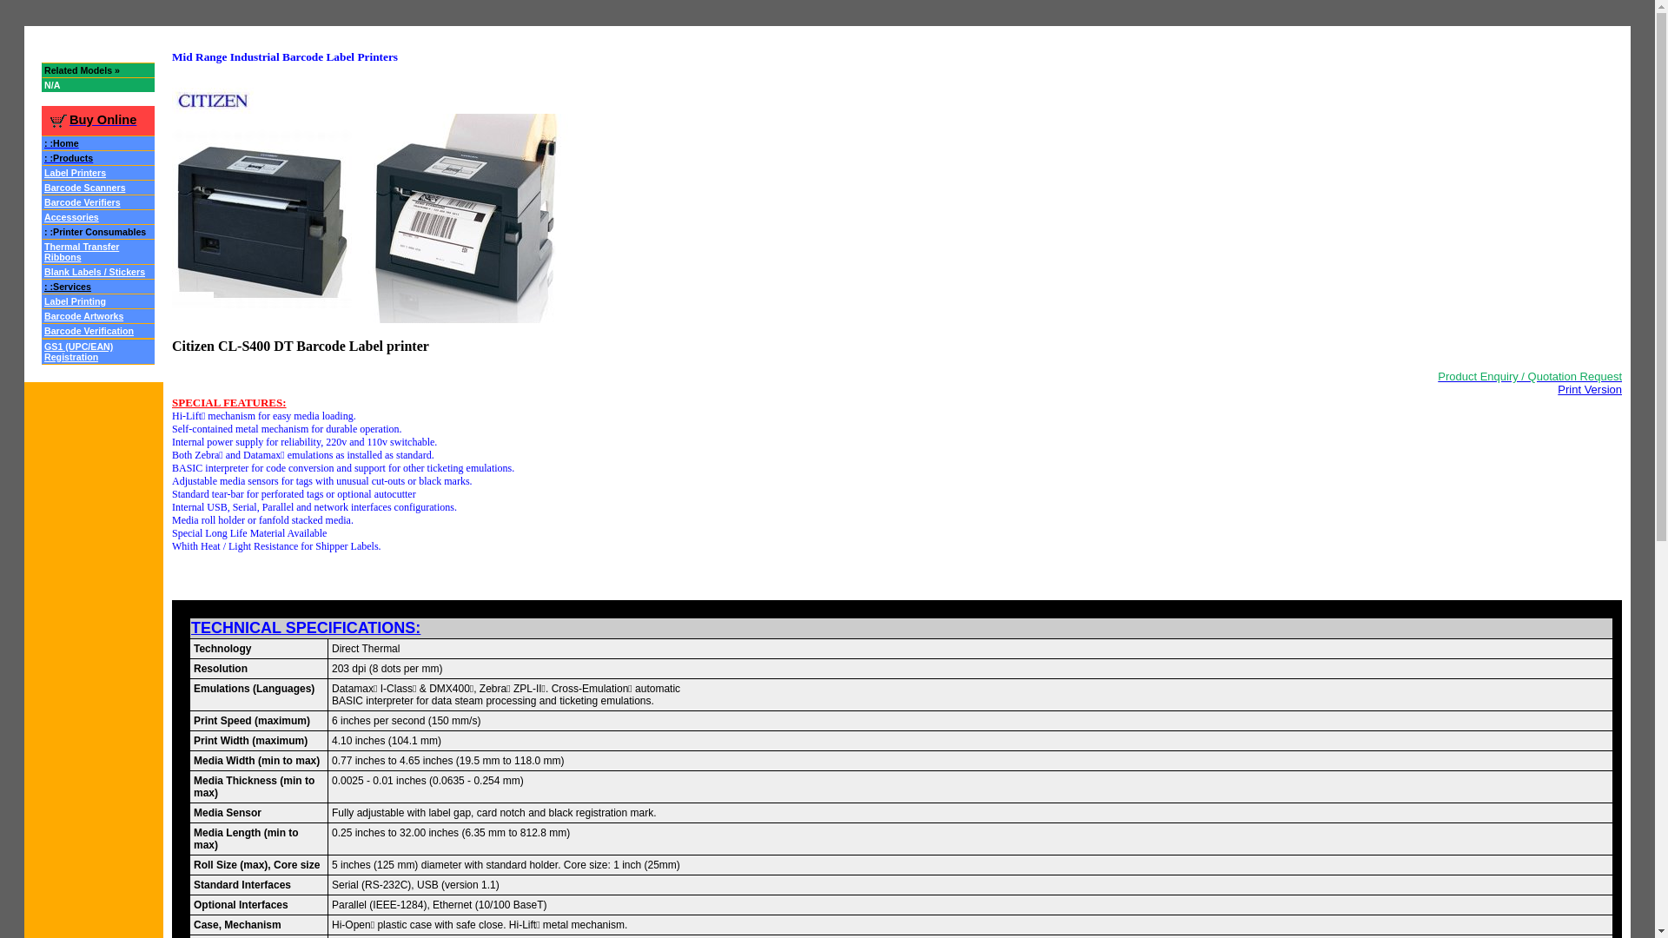  I want to click on 'Barcode Verification', so click(88, 329).